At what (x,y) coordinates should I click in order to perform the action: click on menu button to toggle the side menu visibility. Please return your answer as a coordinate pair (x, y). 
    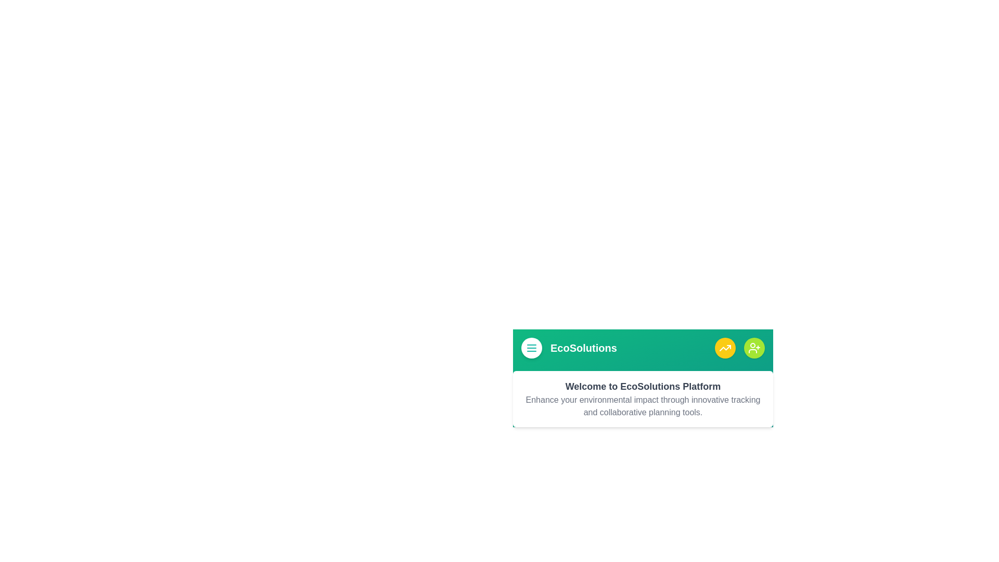
    Looking at the image, I should click on (532, 348).